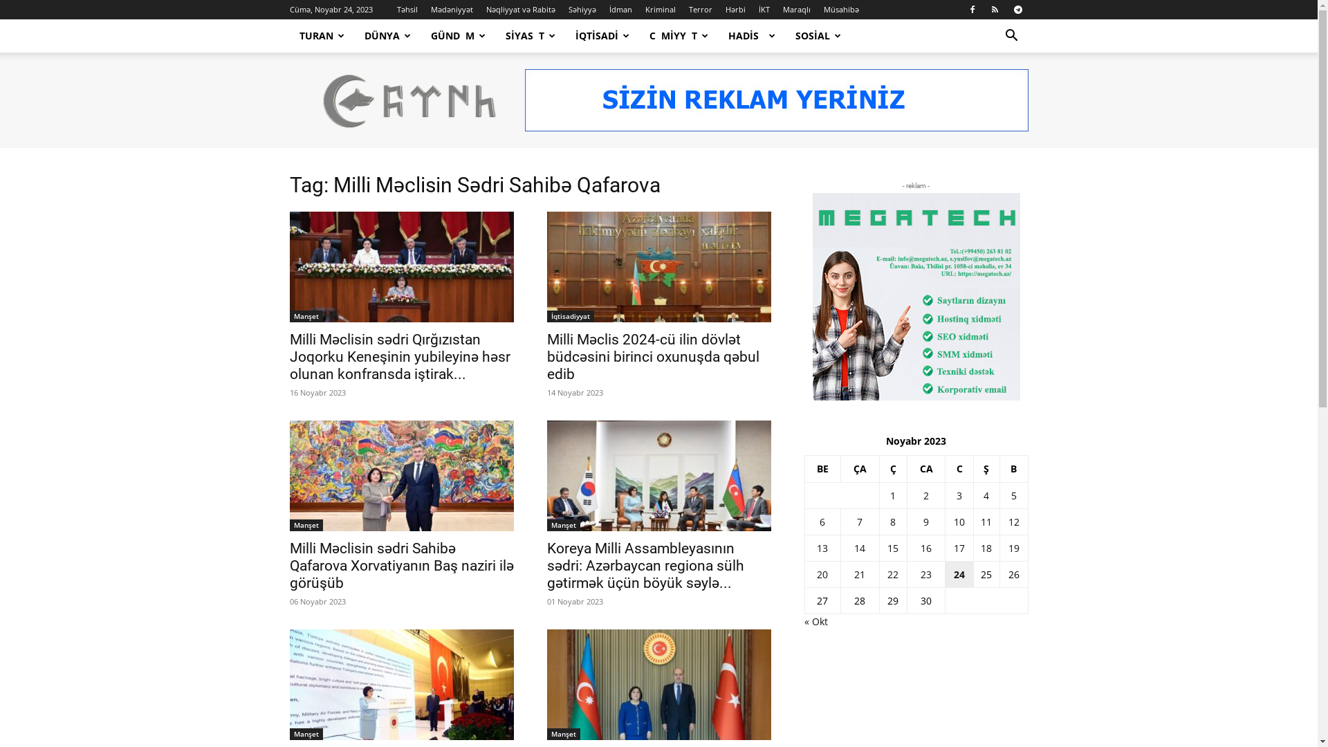 This screenshot has width=1328, height=747. I want to click on '18', so click(985, 547).